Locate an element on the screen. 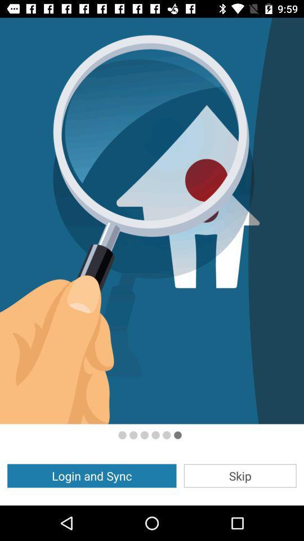  login and sync is located at coordinates (91, 475).